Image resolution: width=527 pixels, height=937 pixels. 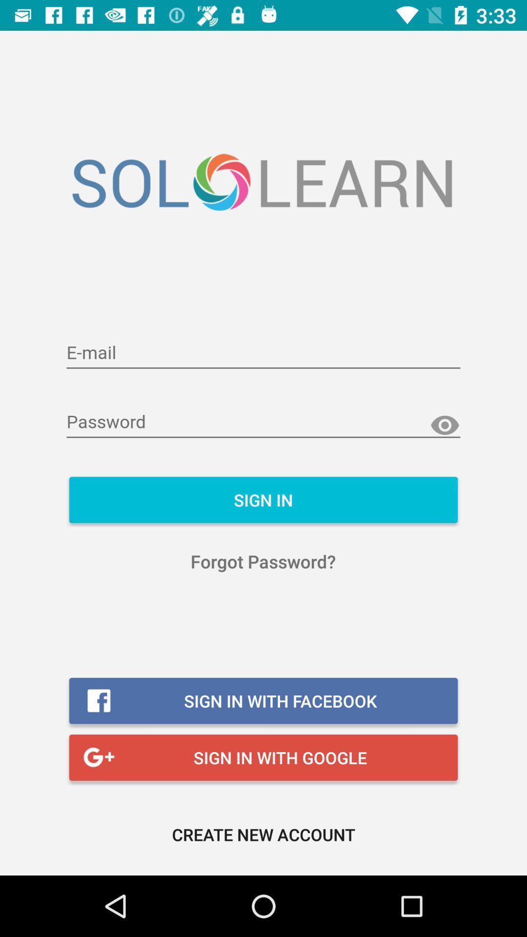 What do you see at coordinates (445, 426) in the screenshot?
I see `show the password` at bounding box center [445, 426].